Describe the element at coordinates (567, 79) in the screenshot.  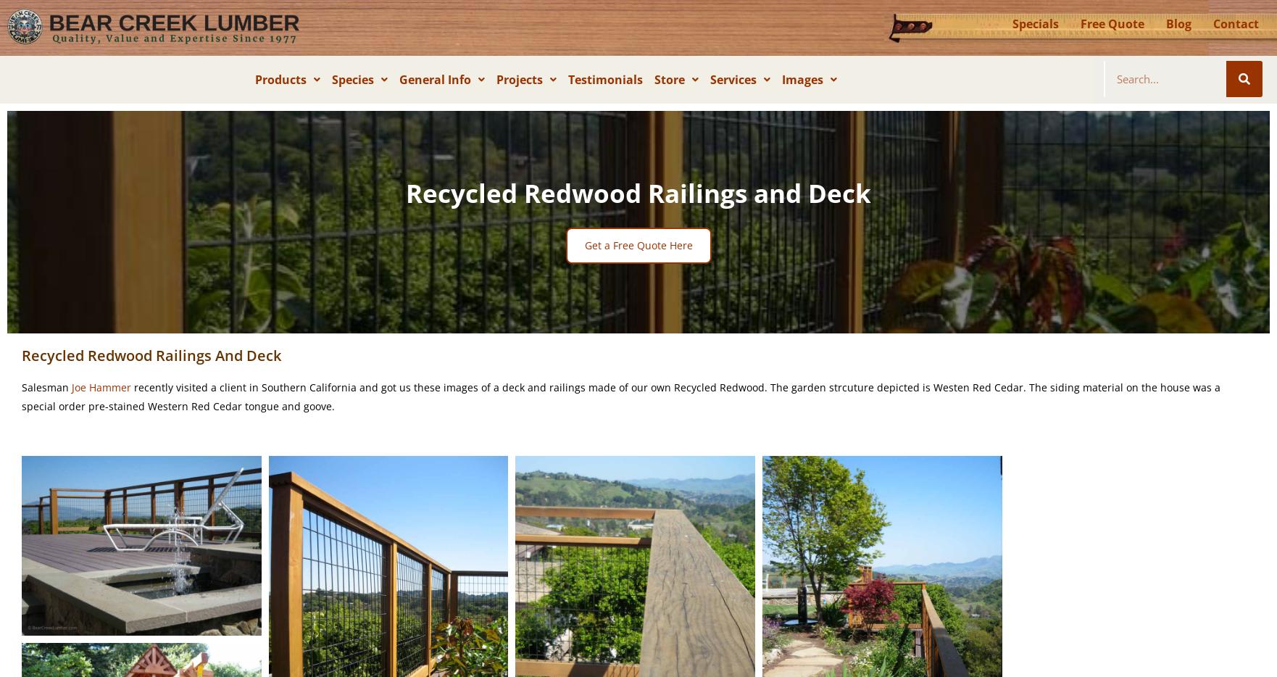
I see `'Testimonials'` at that location.